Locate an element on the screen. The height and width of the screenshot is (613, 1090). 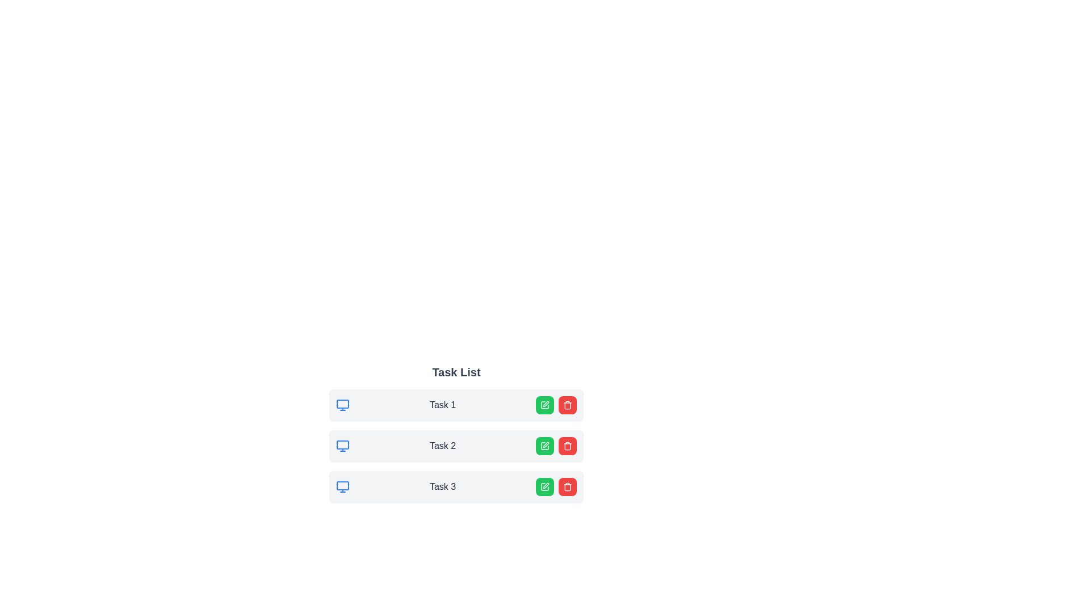
the pen icon button located in the middle column of actionable buttons associated with the second task to initiate the edit action is located at coordinates (546, 444).